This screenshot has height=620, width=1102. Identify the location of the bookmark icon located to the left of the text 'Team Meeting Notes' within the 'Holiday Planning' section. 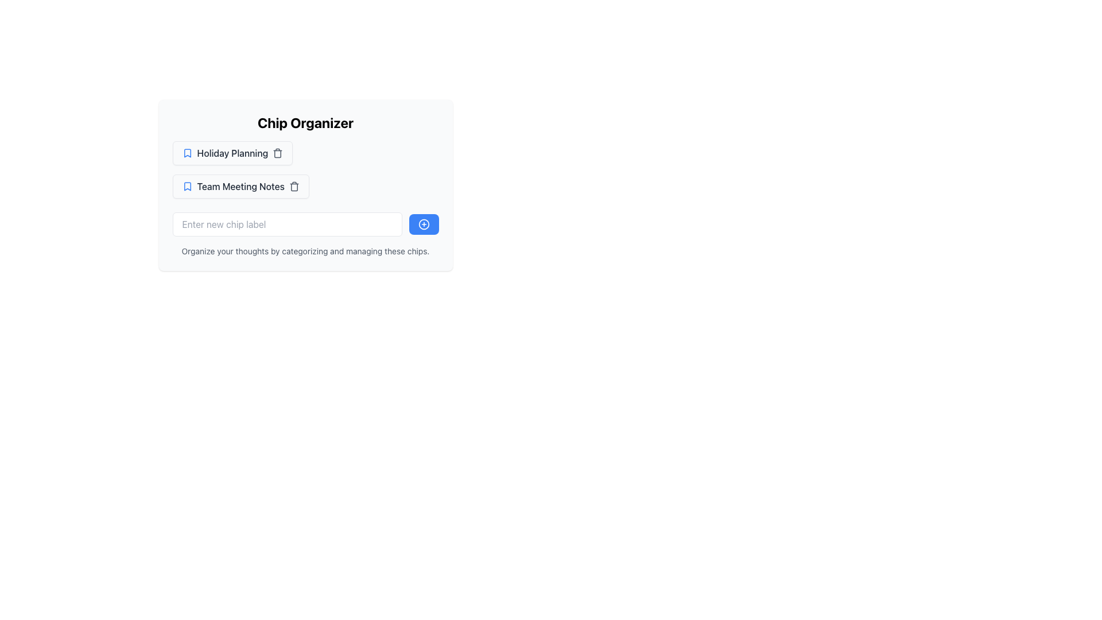
(187, 185).